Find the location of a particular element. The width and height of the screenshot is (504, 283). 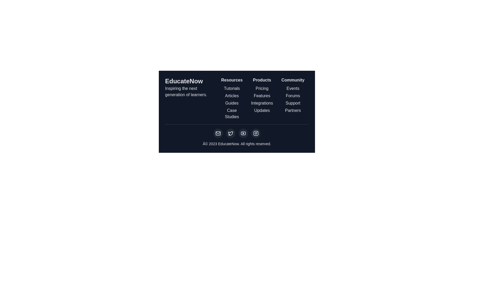

the list of navigation links organized under headings is located at coordinates (237, 98).